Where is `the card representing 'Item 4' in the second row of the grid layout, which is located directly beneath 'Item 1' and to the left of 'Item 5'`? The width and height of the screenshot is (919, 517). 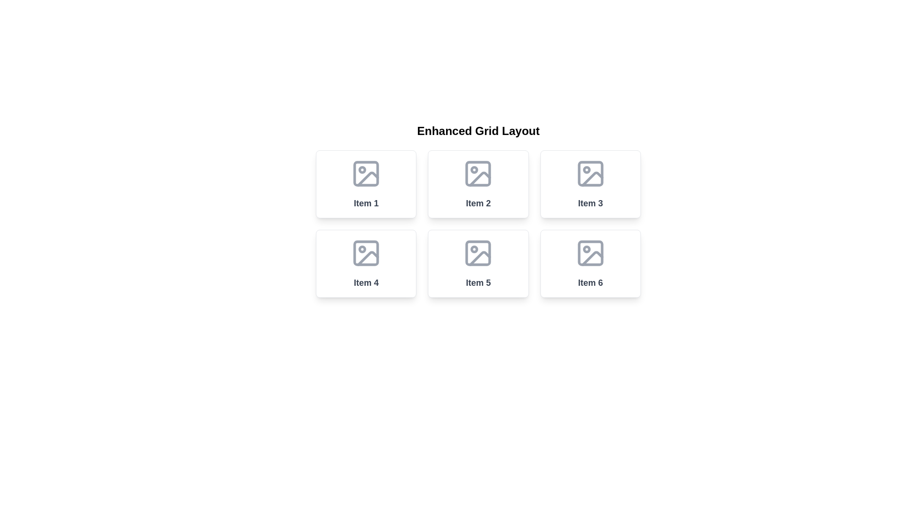 the card representing 'Item 4' in the second row of the grid layout, which is located directly beneath 'Item 1' and to the left of 'Item 5' is located at coordinates (366, 264).